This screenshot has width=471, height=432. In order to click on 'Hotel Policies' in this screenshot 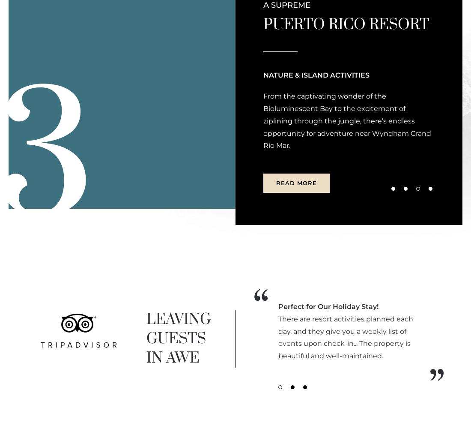, I will do `click(283, 146)`.